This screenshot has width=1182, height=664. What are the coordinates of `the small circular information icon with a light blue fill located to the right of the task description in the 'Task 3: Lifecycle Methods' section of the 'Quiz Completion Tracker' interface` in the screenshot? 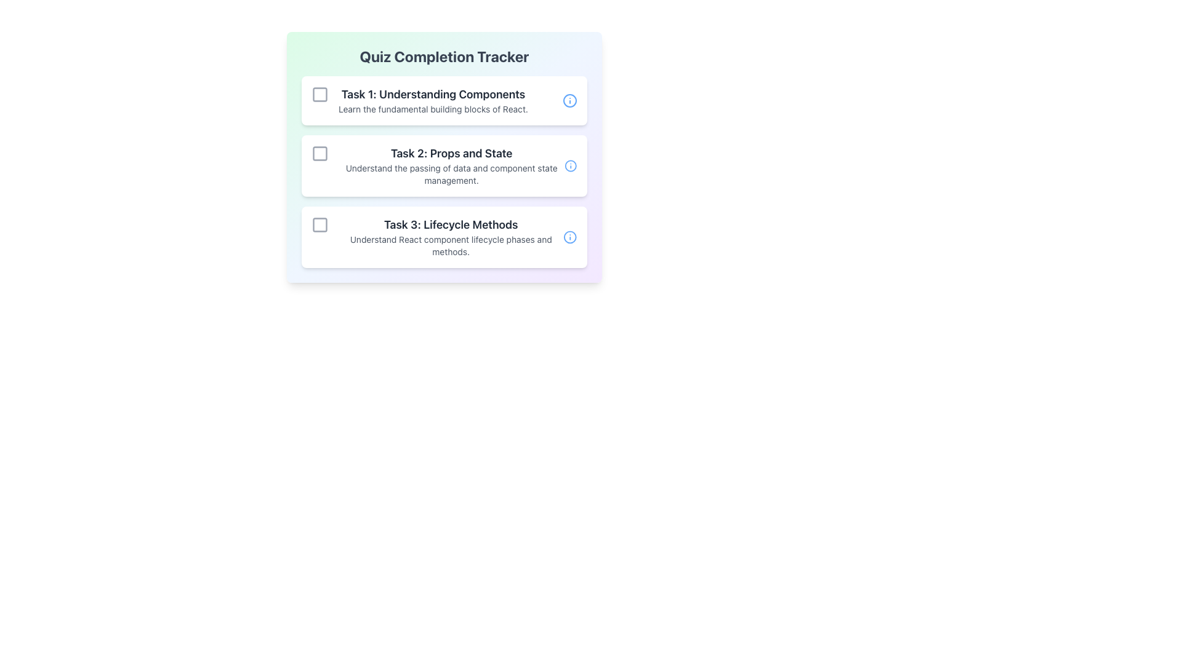 It's located at (569, 237).